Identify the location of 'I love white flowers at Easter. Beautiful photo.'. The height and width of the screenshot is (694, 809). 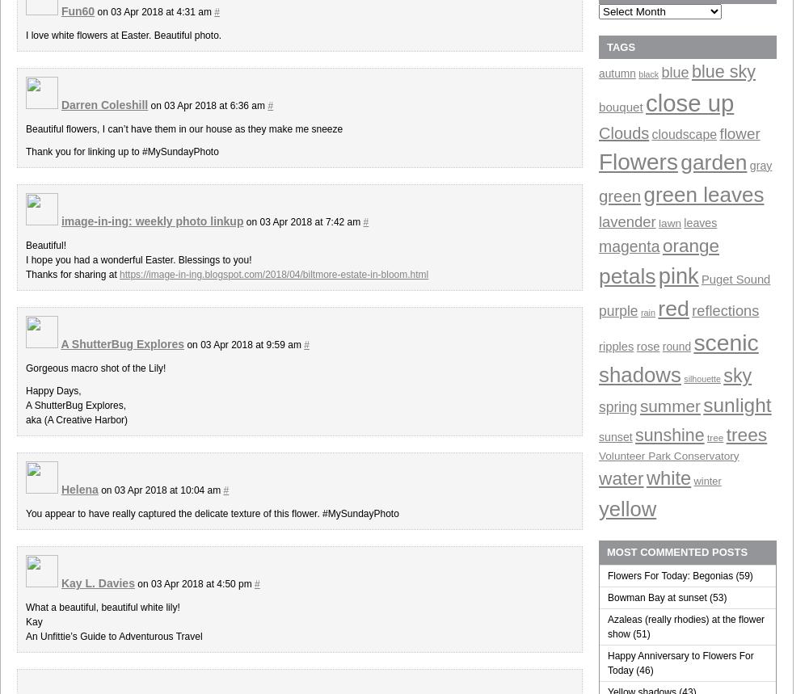
(123, 35).